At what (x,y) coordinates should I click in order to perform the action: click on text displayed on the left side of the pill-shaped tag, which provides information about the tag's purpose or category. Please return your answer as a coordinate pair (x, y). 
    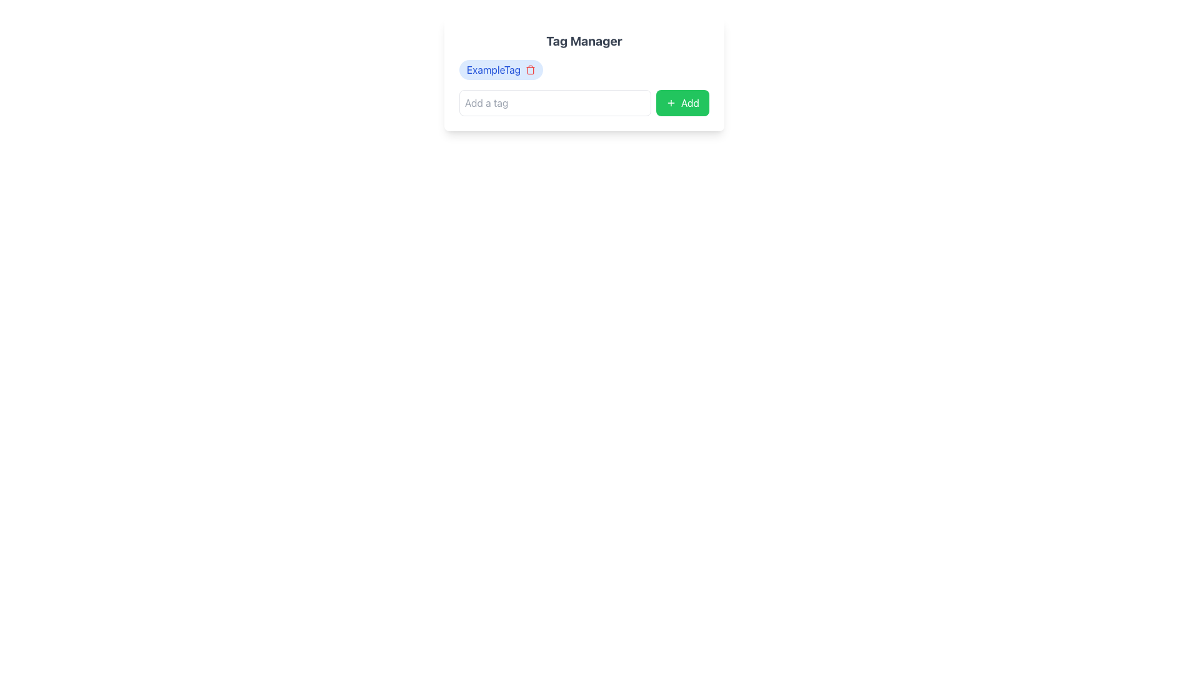
    Looking at the image, I should click on (493, 69).